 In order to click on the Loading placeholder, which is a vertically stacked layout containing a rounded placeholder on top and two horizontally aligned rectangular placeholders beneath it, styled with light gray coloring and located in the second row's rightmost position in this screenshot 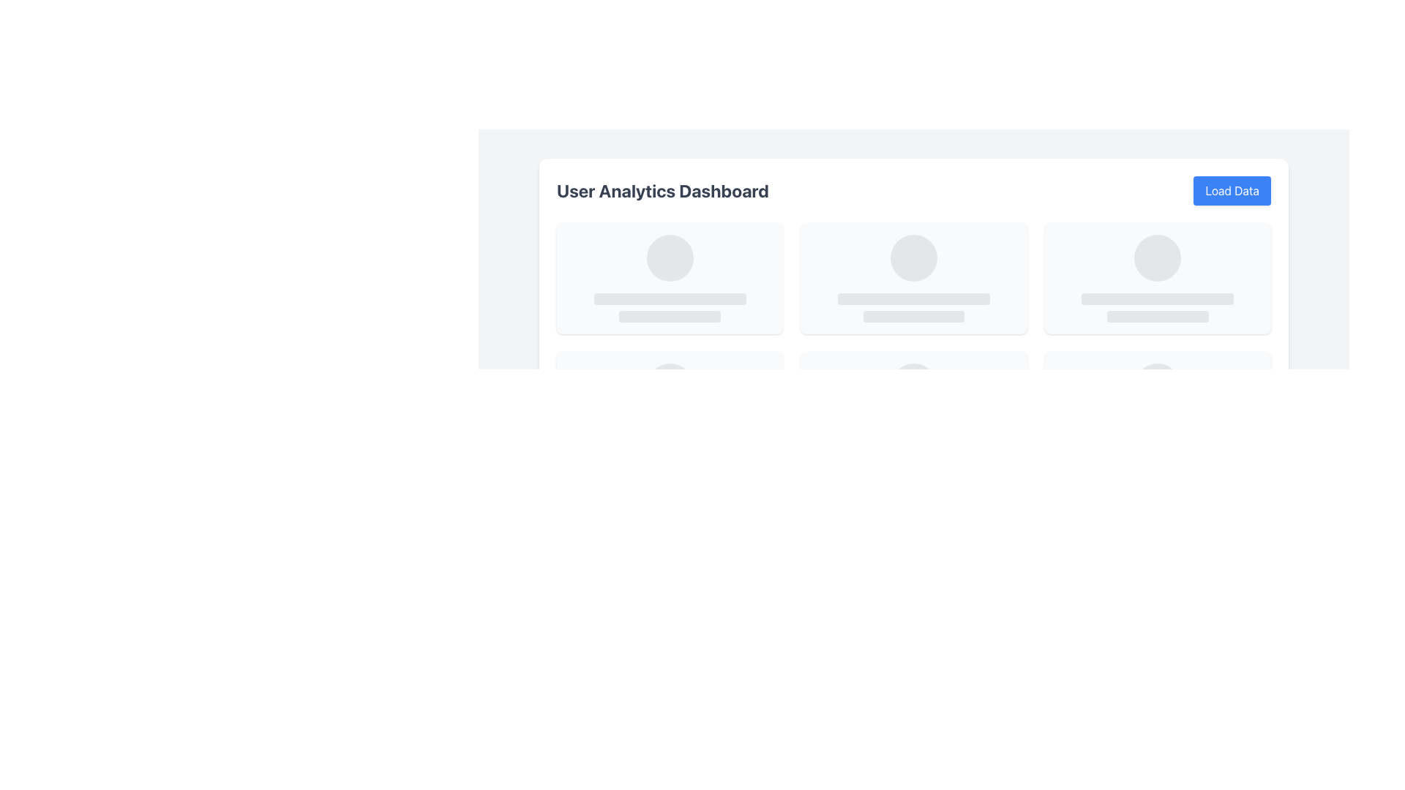, I will do `click(1157, 279)`.